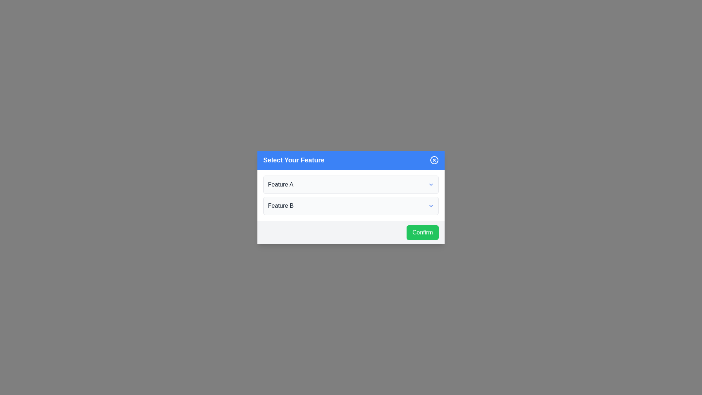 Image resolution: width=702 pixels, height=395 pixels. I want to click on the SVG circle element located in the top-right corner of the blue header bar of the modal dialog, which serves as a close button, so click(434, 160).